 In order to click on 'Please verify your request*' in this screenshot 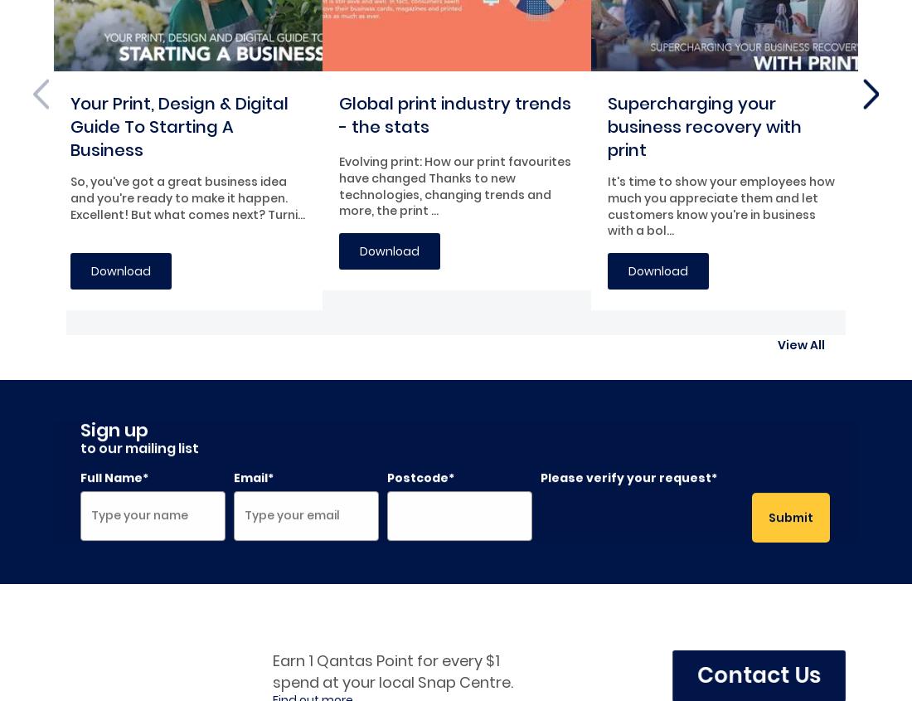, I will do `click(628, 477)`.